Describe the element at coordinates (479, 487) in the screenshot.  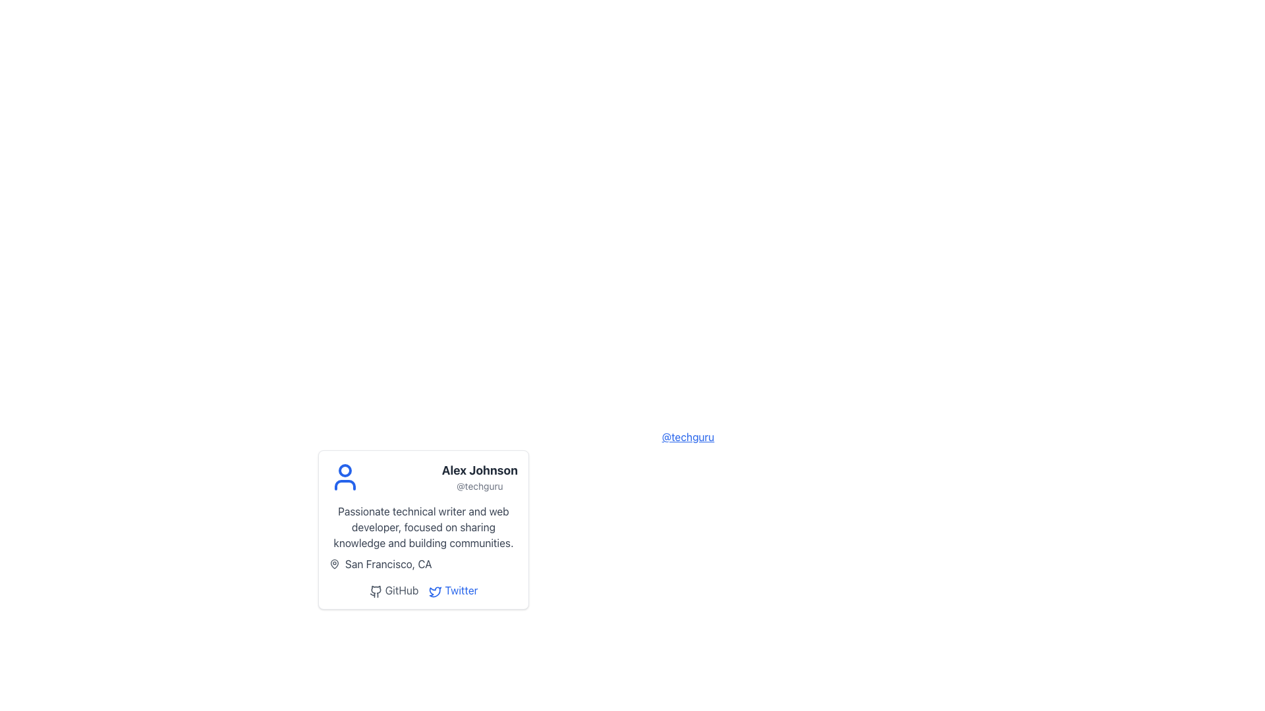
I see `text label displaying the username '@techguru' located below the name 'Alex Johnson' in the profile card structure` at that location.